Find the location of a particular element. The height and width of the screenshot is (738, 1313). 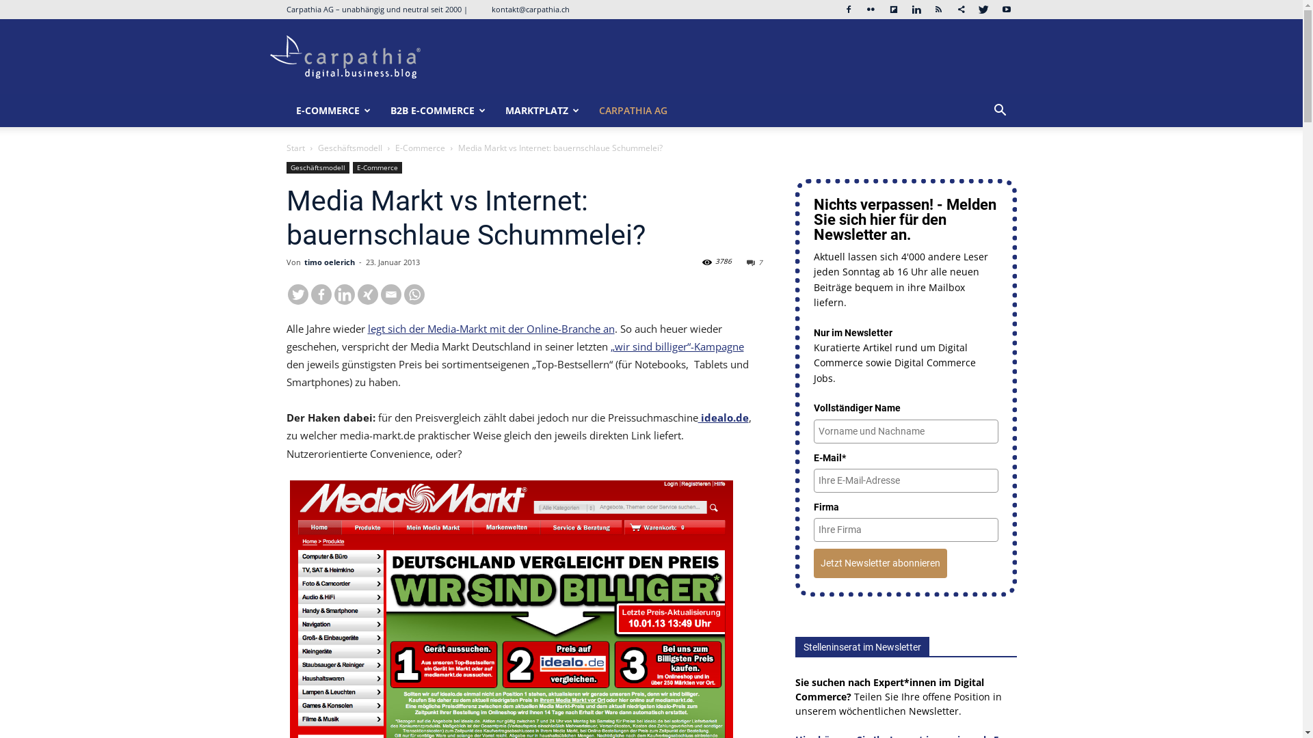

'Jetzt Newsletter abonnieren' is located at coordinates (880, 563).